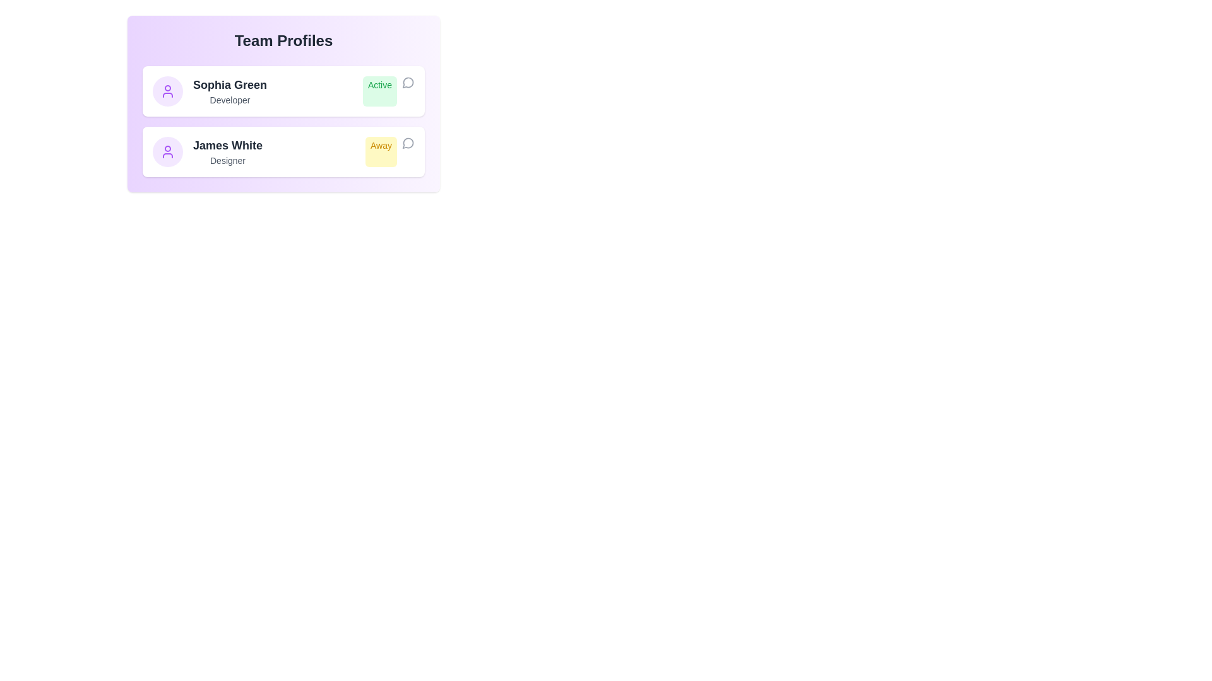 This screenshot has width=1212, height=681. What do you see at coordinates (379, 91) in the screenshot?
I see `the 'Active' badge element which has a light green background and is associated with Sophia Green's profile details` at bounding box center [379, 91].